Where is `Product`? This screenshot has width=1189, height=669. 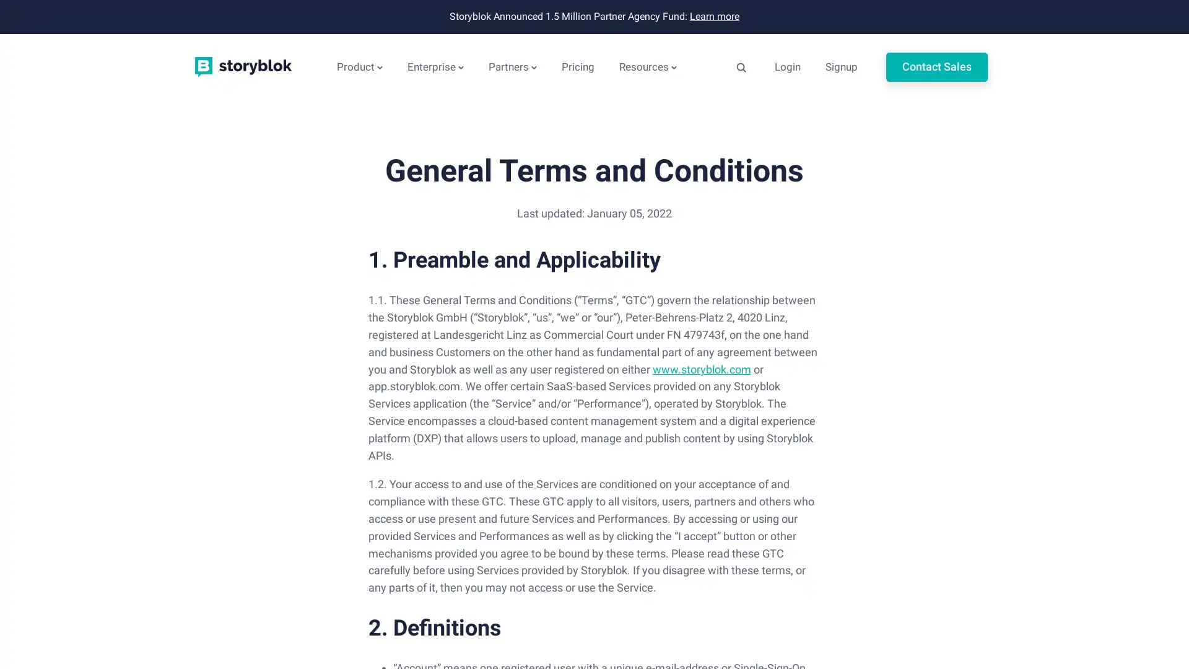 Product is located at coordinates (359, 67).